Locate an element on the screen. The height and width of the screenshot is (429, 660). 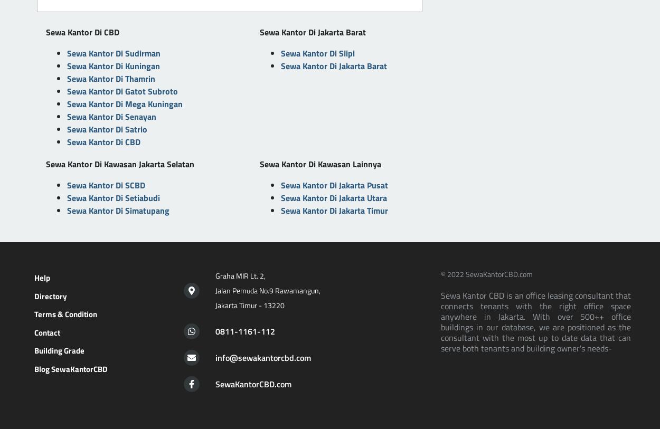
'Sewa Kantor Di Setiabudi' is located at coordinates (112, 197).